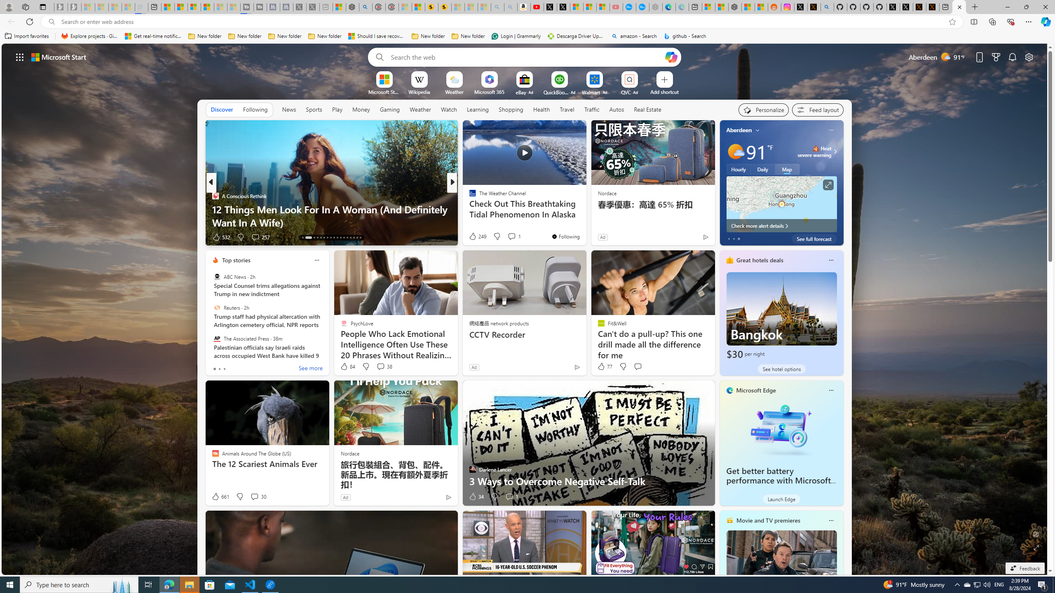  What do you see at coordinates (59, 56) in the screenshot?
I see `'Microsoft start'` at bounding box center [59, 56].